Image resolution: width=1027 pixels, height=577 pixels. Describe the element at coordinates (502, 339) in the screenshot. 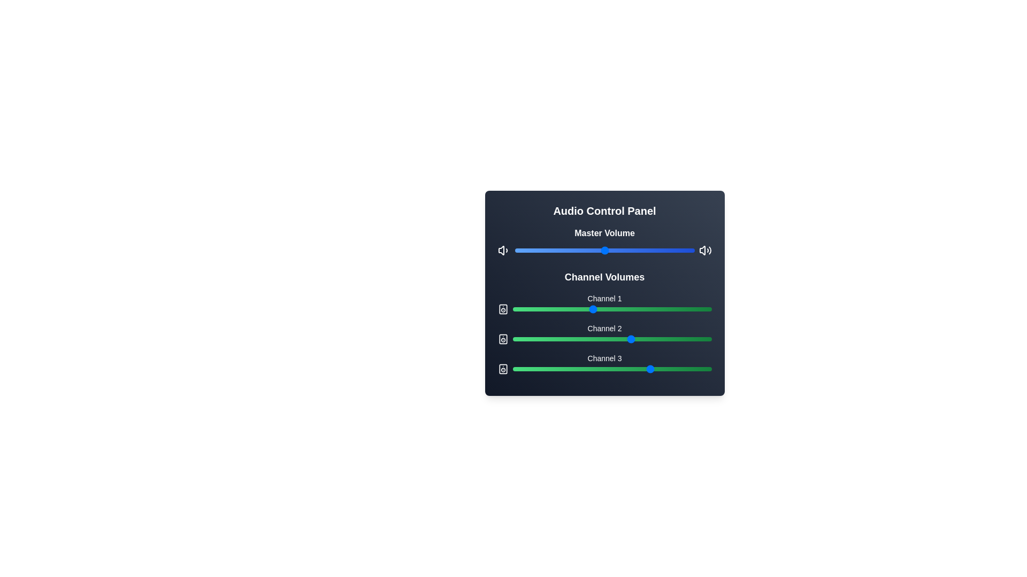

I see `the speaker icon representing the audio settings for 'Channel 2', which is the second icon in a sequence of channel icons located on the left side of the volume slider` at that location.